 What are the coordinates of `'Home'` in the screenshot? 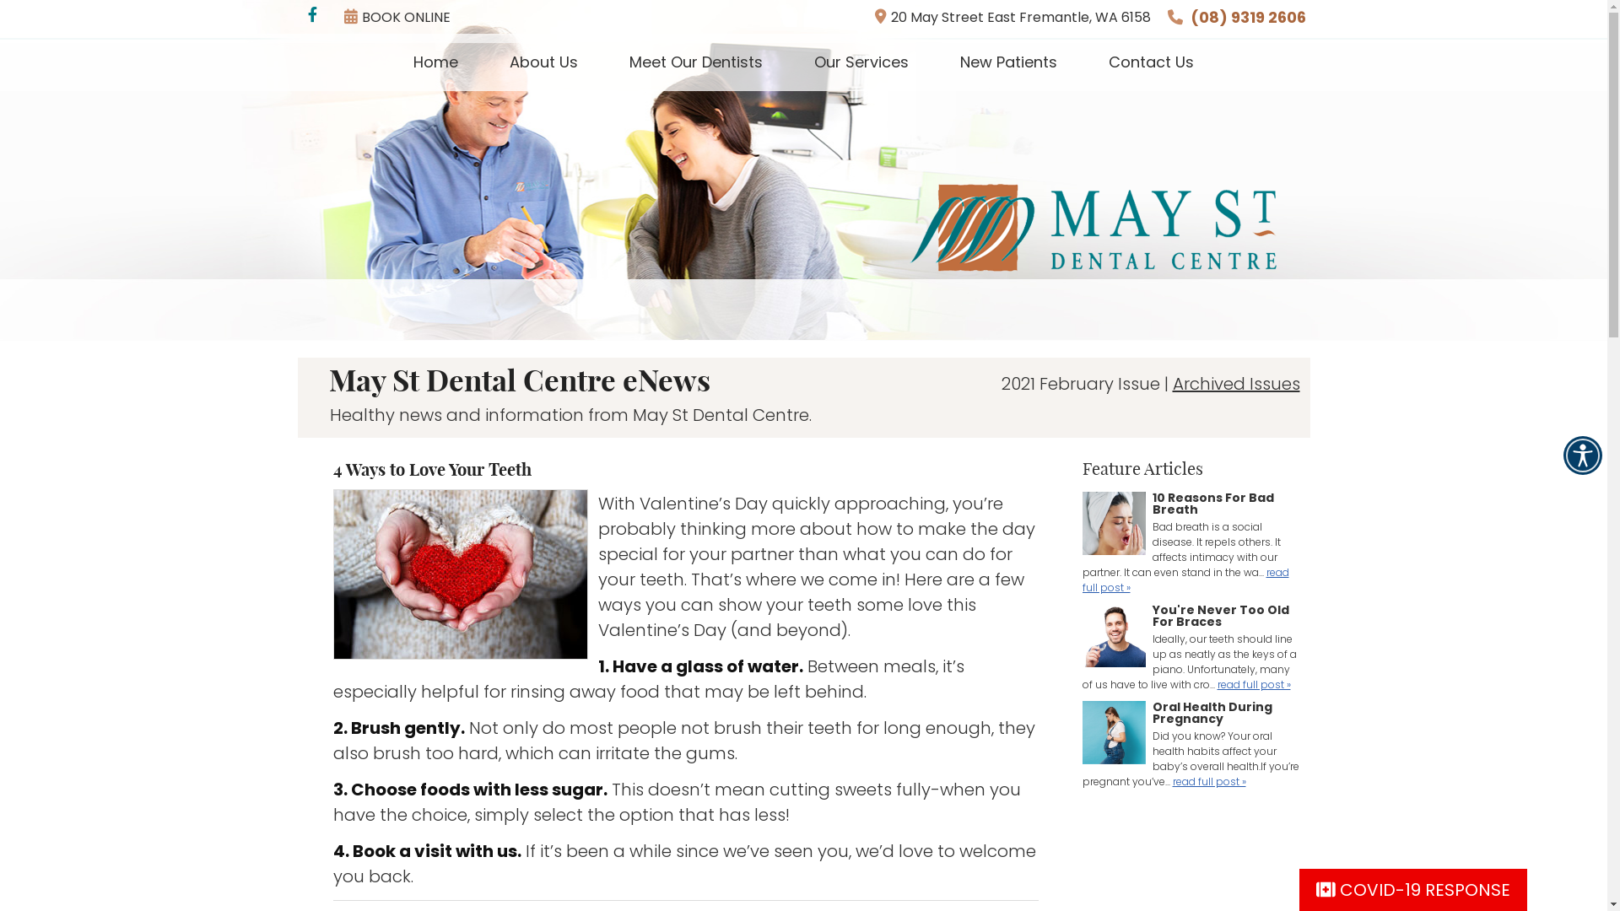 It's located at (436, 61).